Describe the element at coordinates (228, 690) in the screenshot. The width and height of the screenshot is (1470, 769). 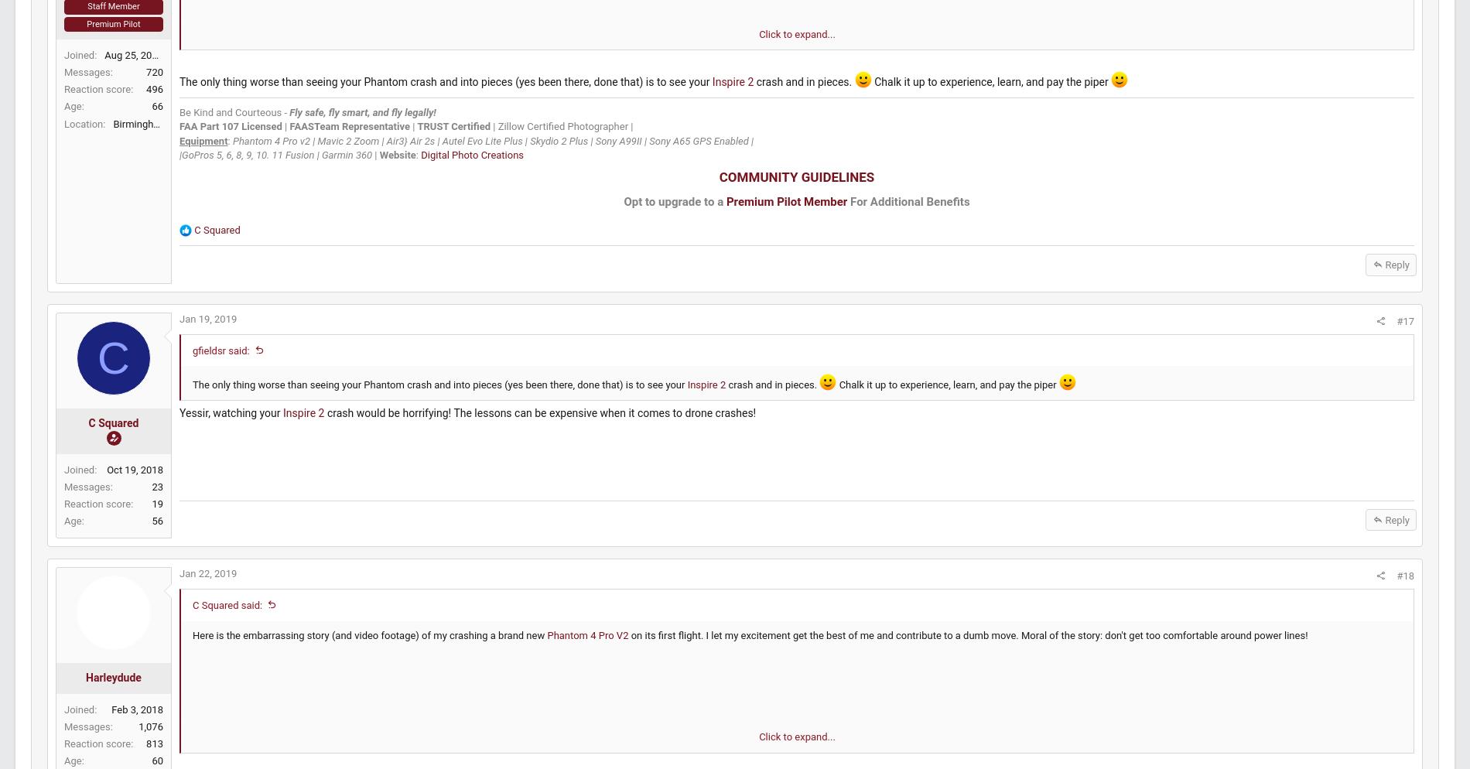
I see `'on its first flight. I let my excitement get the best of me and contribute to a dumb move. Moral of the story: don't get too comfortable around power lines!'` at that location.